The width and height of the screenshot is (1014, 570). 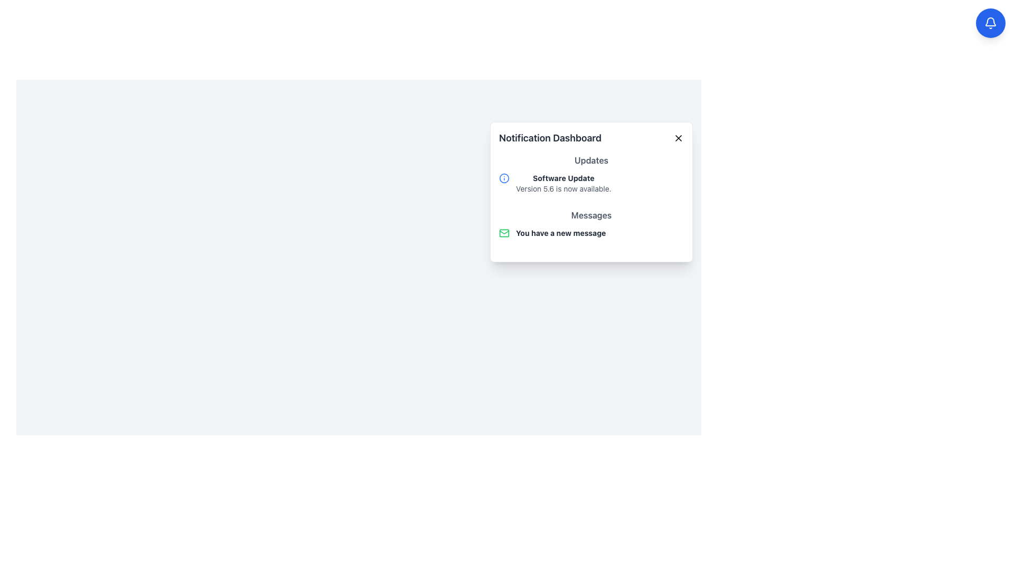 I want to click on the 'X' close button in the top-right corner of the 'Notification Dashboard' widget, so click(x=679, y=138).